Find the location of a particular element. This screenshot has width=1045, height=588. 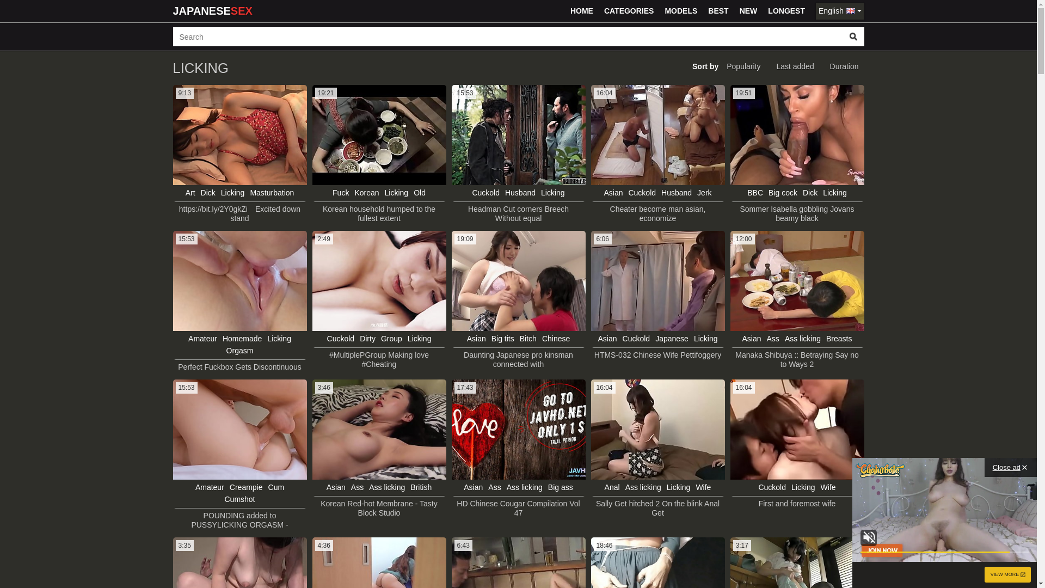

'Manaka Shibuya :: Betraying Say no to Ways 2' is located at coordinates (797, 359).